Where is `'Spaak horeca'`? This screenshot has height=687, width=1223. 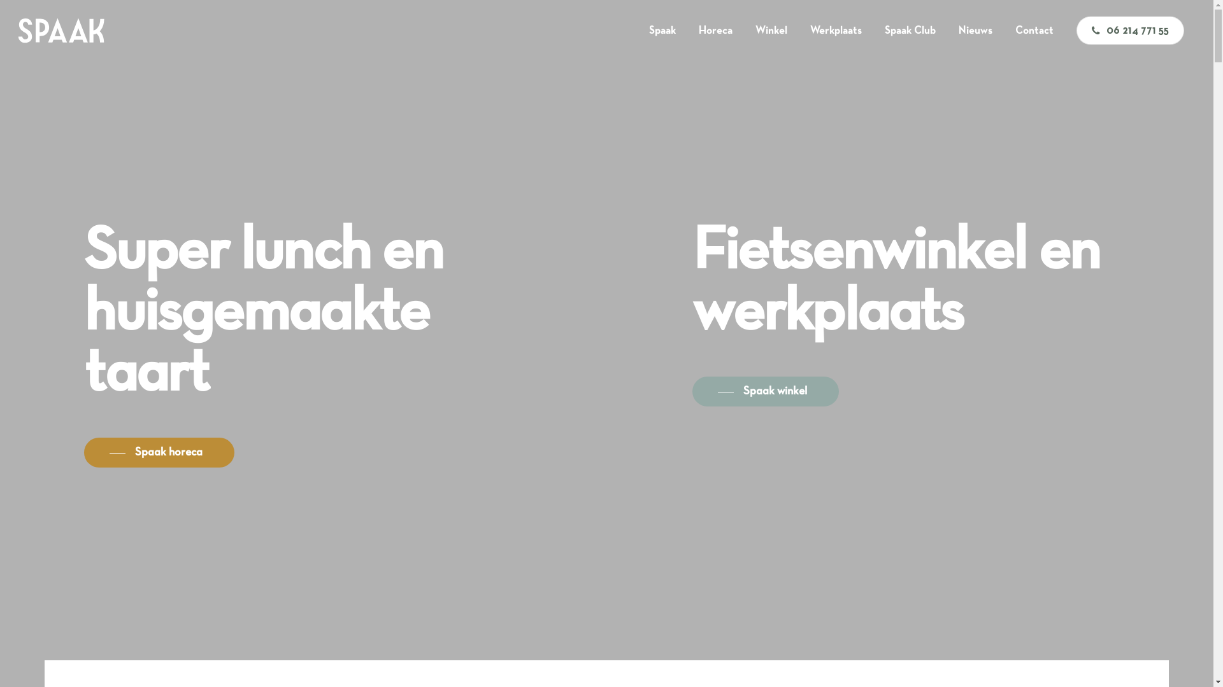
'Spaak horeca' is located at coordinates (158, 452).